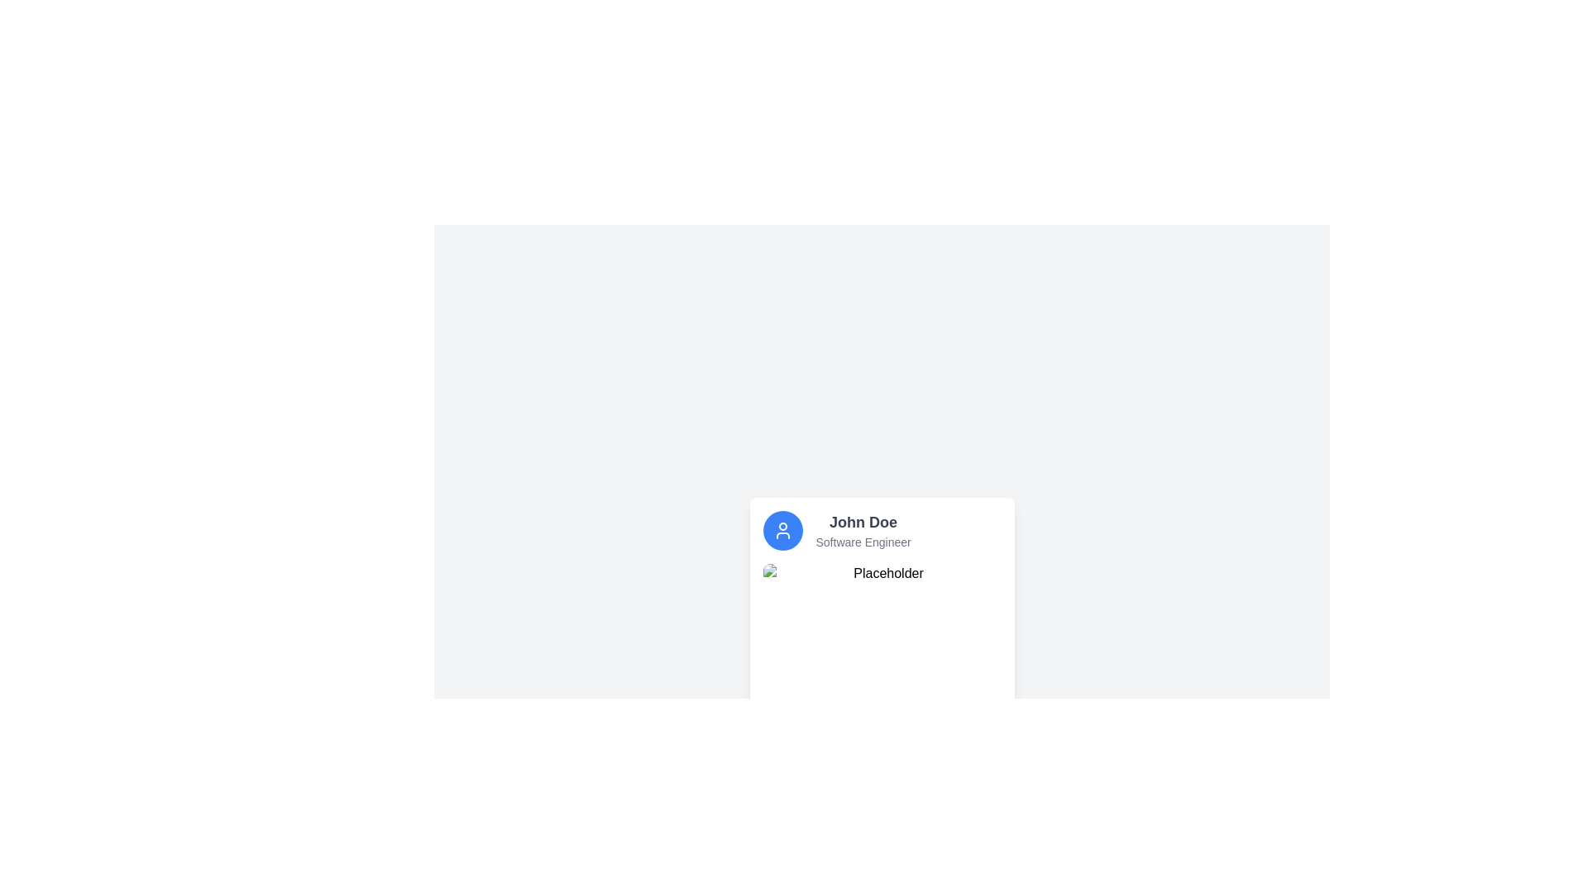 This screenshot has height=893, width=1588. What do you see at coordinates (881, 530) in the screenshot?
I see `the 'John Doe' text content element, which is accompanied by a circular blue avatar icon displaying a white user silhouette graphic` at bounding box center [881, 530].